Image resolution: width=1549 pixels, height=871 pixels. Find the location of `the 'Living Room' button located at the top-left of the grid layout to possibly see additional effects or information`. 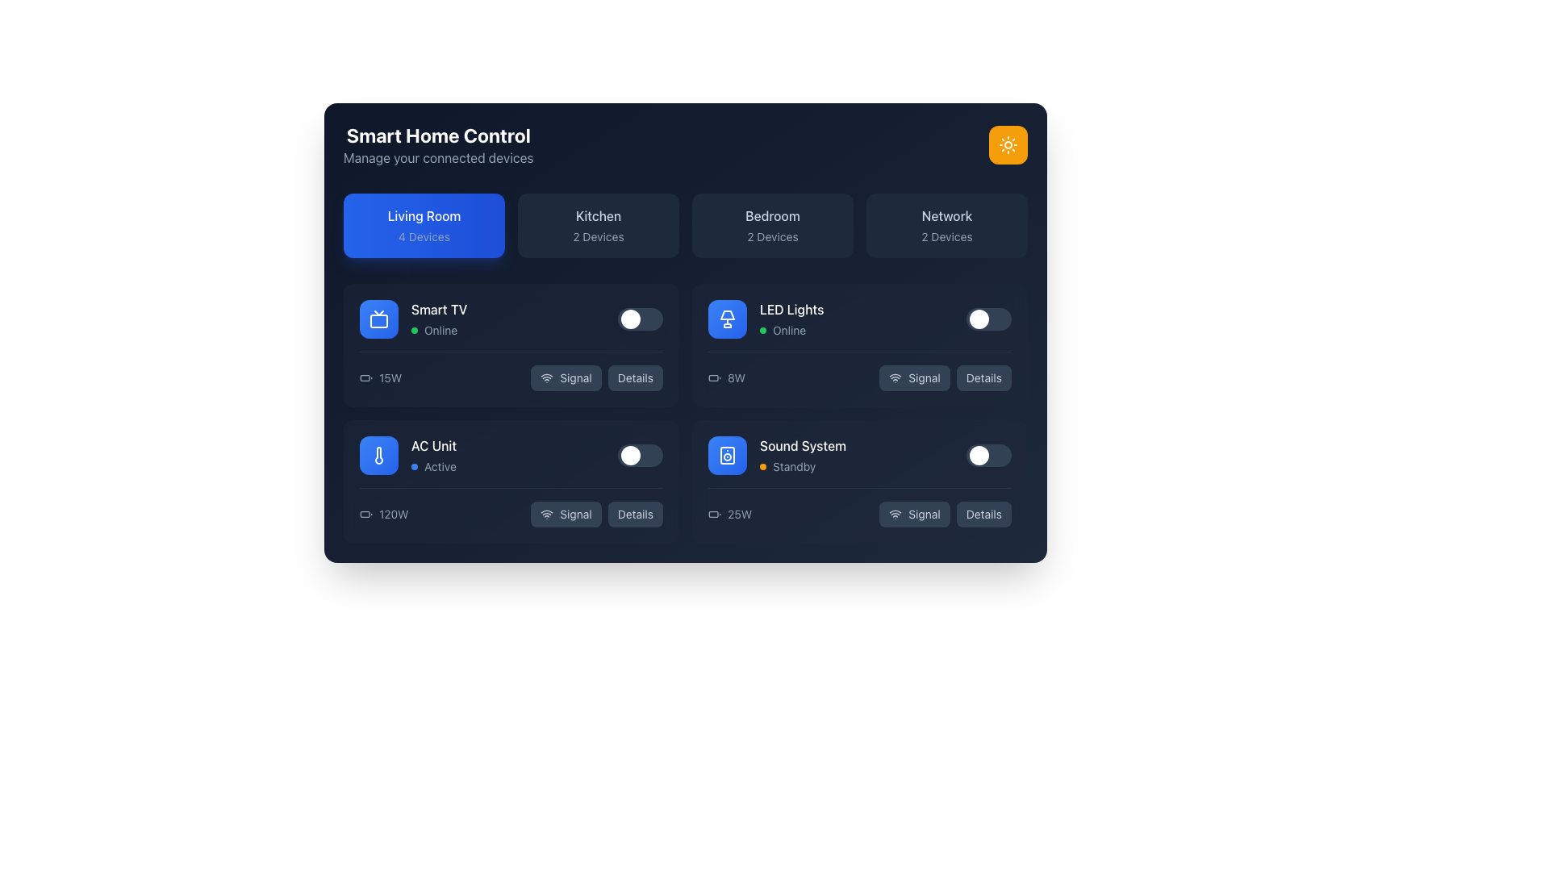

the 'Living Room' button located at the top-left of the grid layout to possibly see additional effects or information is located at coordinates (424, 226).